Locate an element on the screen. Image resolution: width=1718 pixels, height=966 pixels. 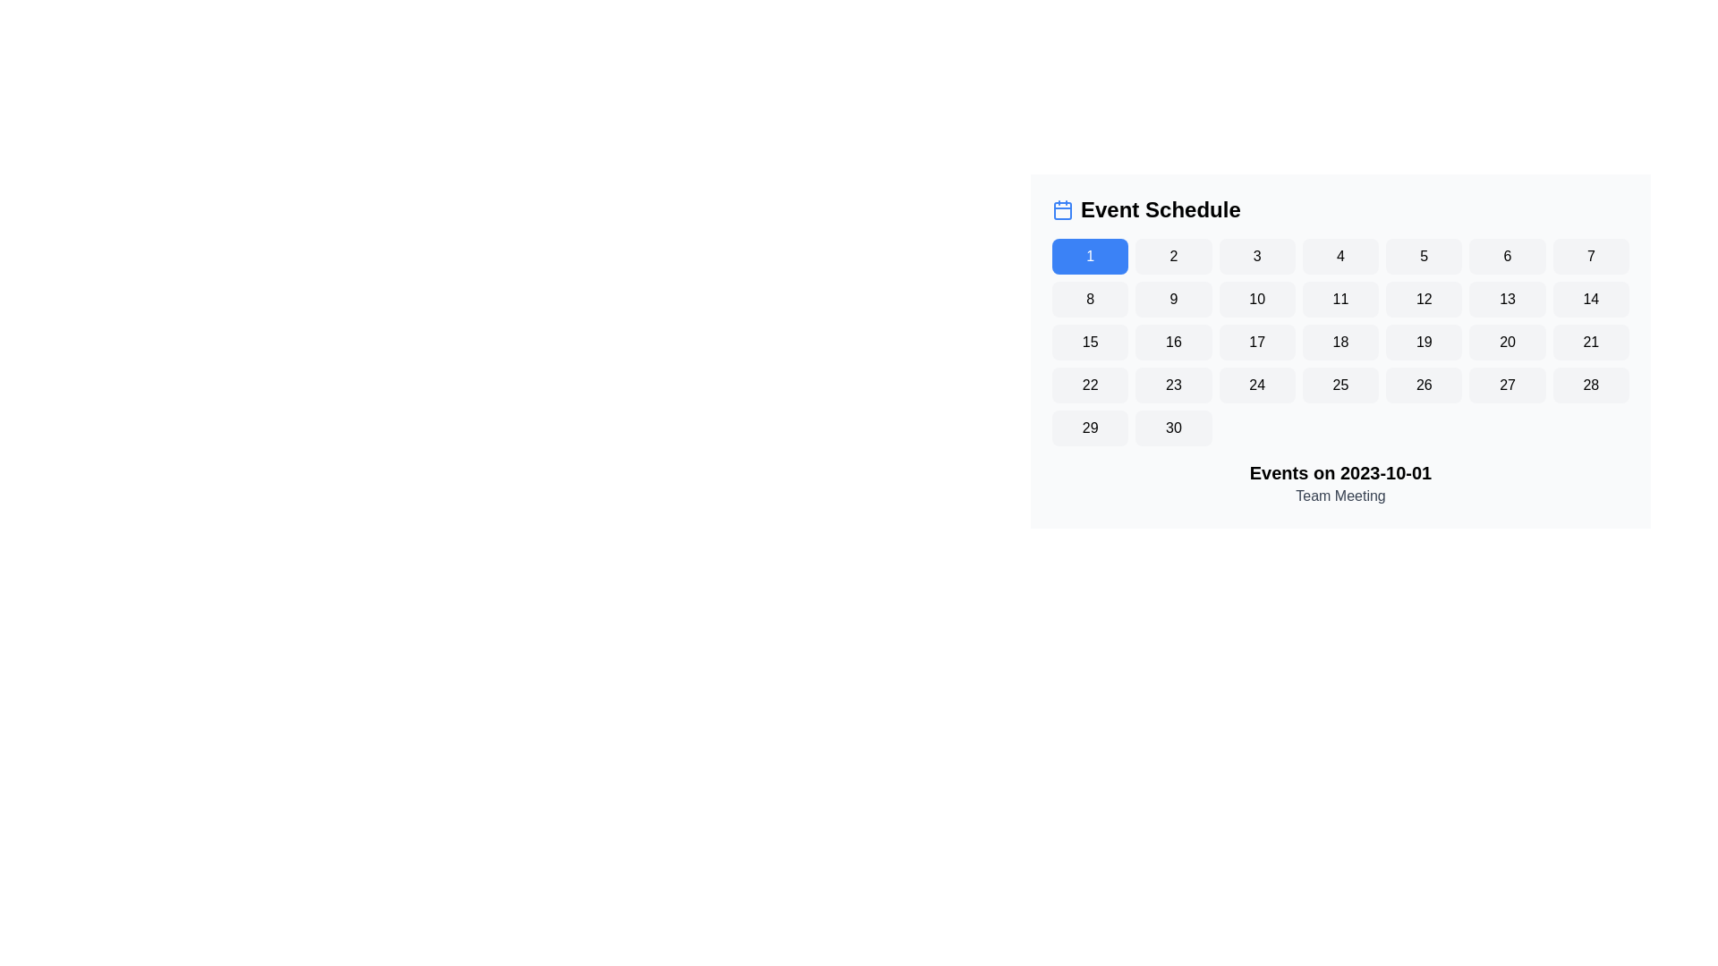
the rectangular button labeled '29' with a light gray background and black text is located at coordinates (1089, 428).